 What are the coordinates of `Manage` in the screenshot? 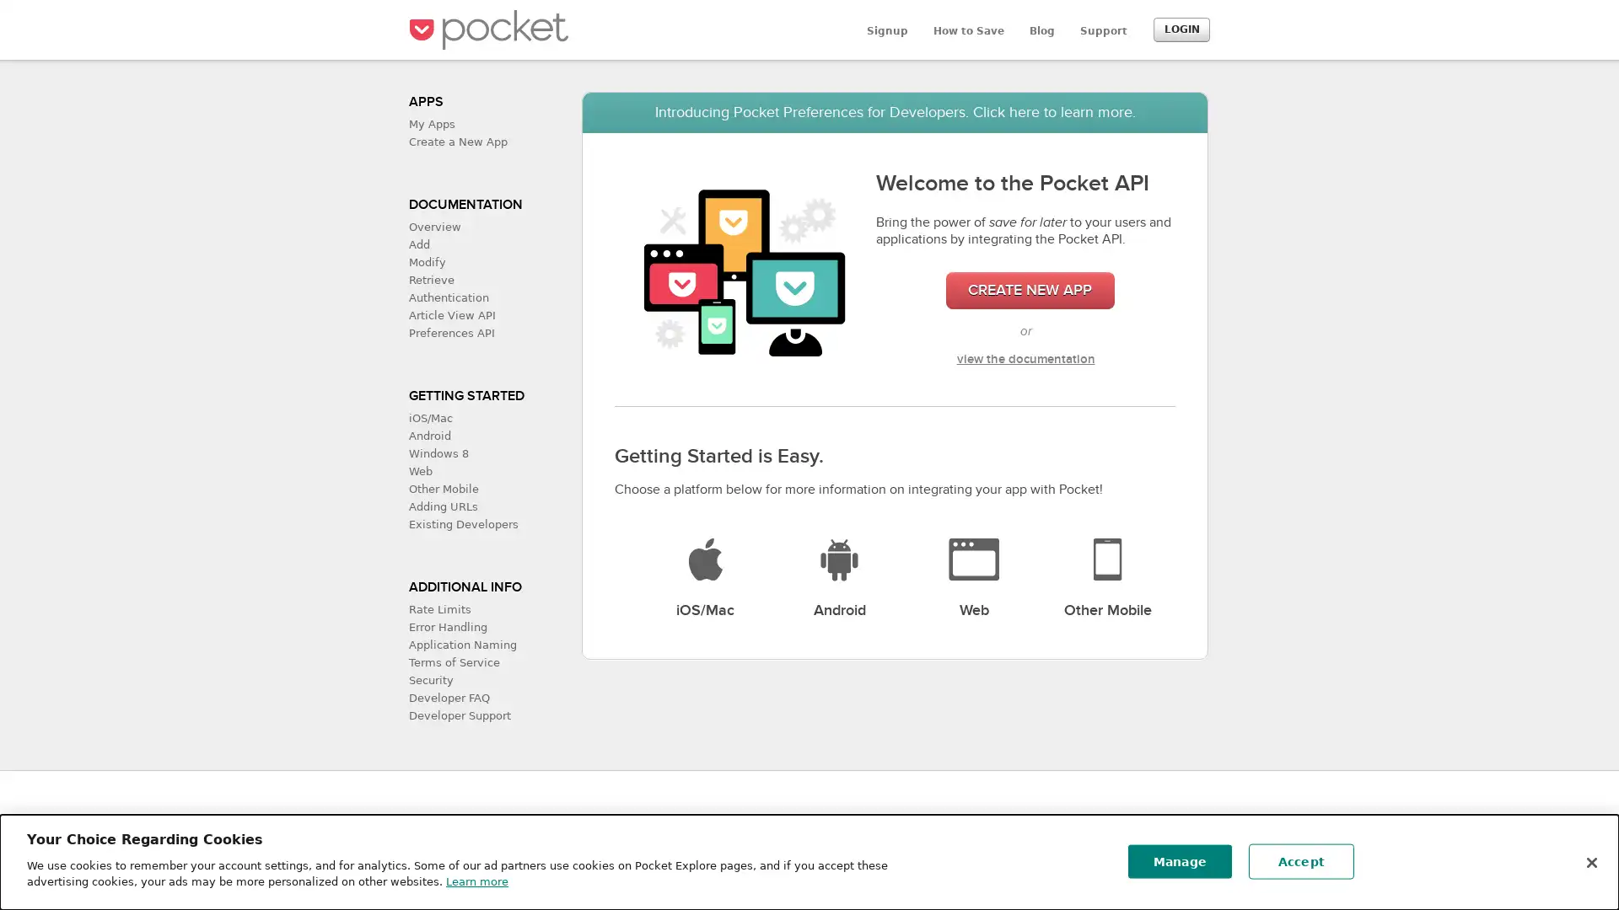 It's located at (1178, 861).